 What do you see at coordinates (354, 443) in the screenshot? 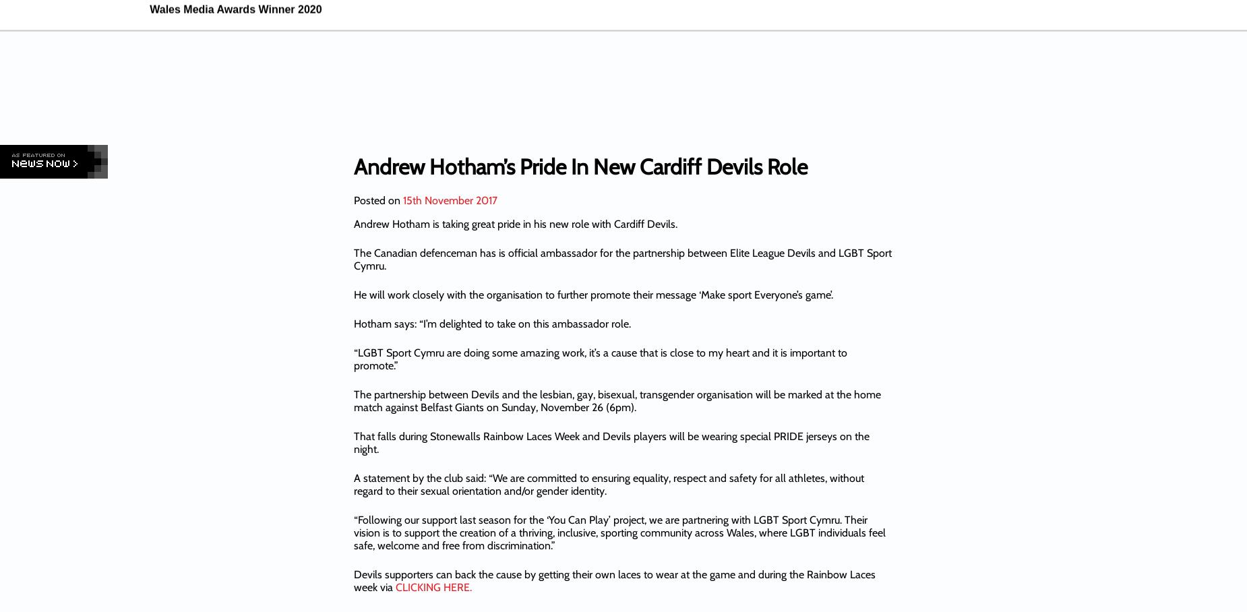
I see `'That falls during Stonewalls Rainbow Laces Week and Devils players will be wearing special PRIDE jerseys on the night.'` at bounding box center [354, 443].